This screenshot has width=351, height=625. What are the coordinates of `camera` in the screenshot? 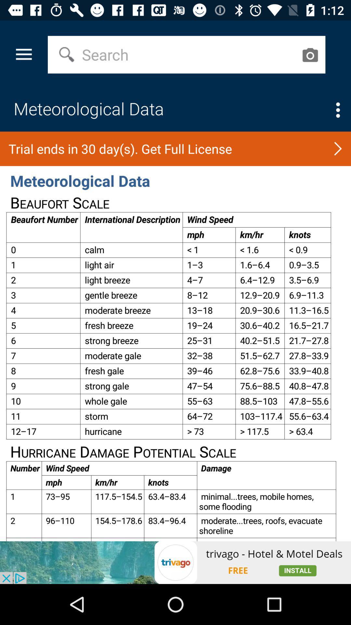 It's located at (309, 55).